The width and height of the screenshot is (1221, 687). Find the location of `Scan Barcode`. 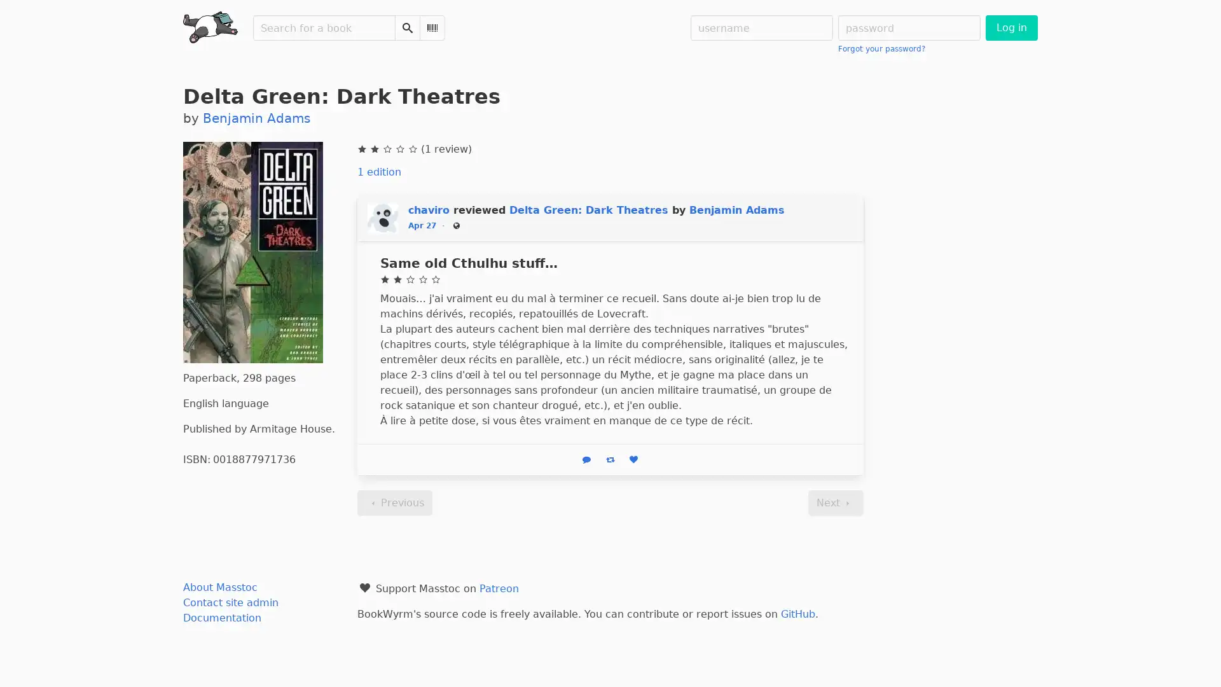

Scan Barcode is located at coordinates (432, 27).